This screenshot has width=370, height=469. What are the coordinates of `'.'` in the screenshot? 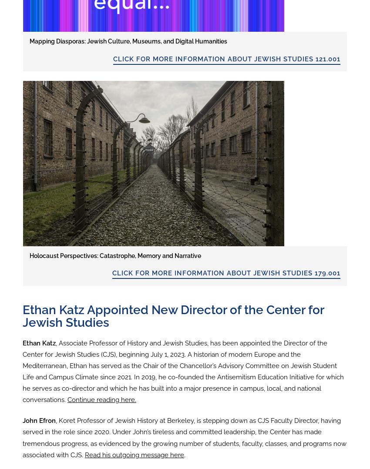 It's located at (185, 455).